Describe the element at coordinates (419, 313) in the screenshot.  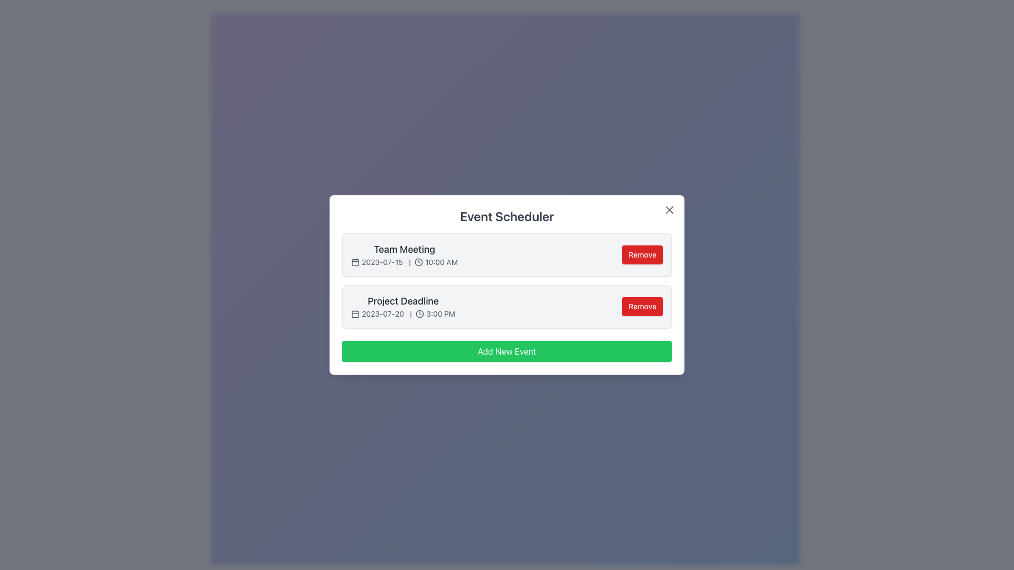
I see `the clock icon that indicates the event time, positioned in the lower item of the event details, following the calendar icon and preceding the event time text ('3:00 PM')` at that location.